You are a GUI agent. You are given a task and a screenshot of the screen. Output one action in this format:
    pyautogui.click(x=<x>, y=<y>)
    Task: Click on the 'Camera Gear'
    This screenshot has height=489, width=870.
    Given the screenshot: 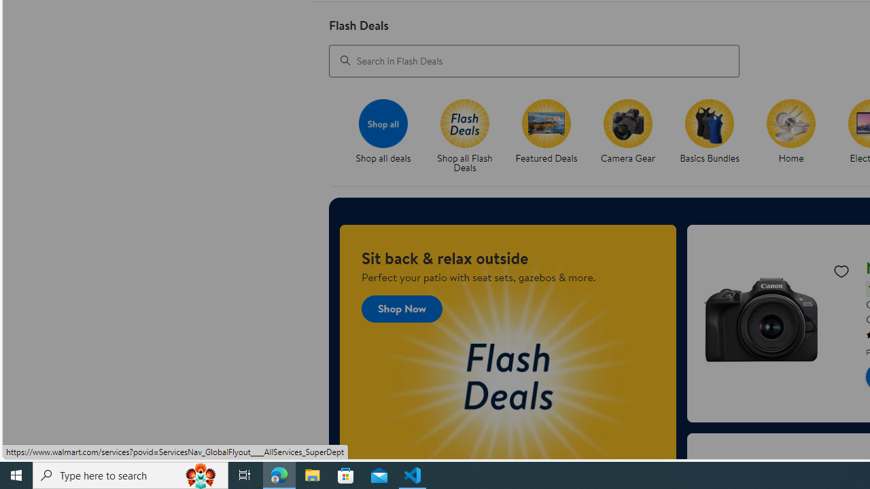 What is the action you would take?
    pyautogui.click(x=627, y=123)
    